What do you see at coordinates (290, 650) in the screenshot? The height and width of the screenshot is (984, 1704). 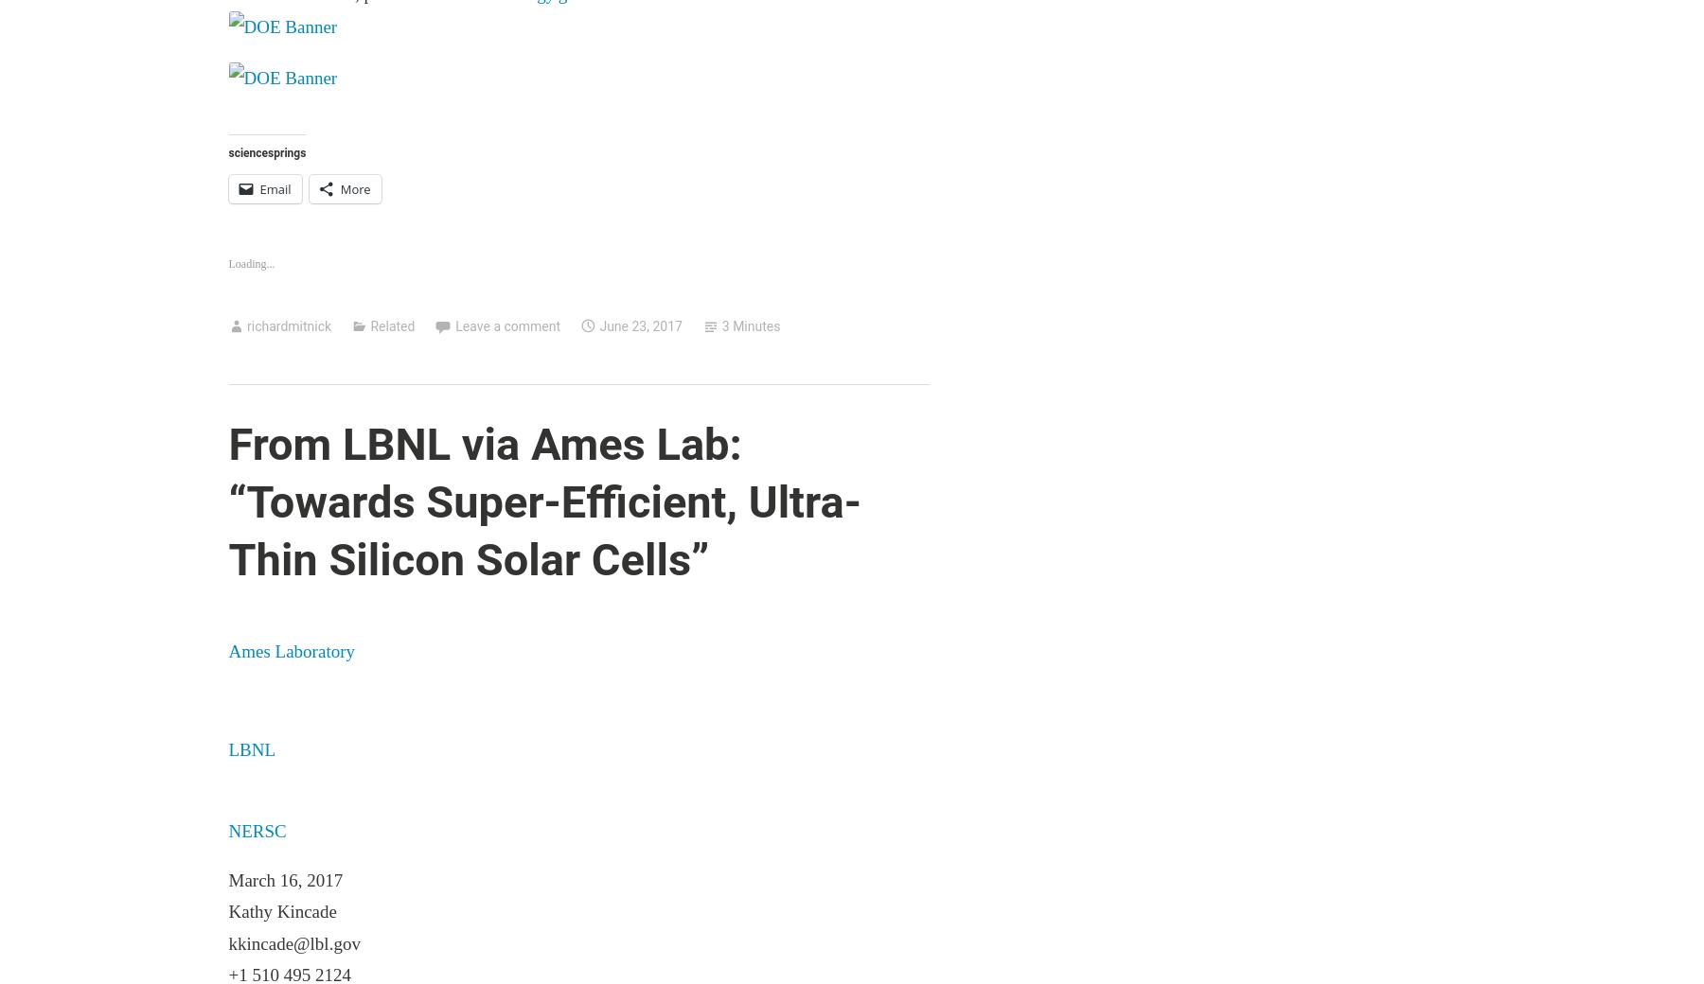 I see `'Ames Laboratory'` at bounding box center [290, 650].